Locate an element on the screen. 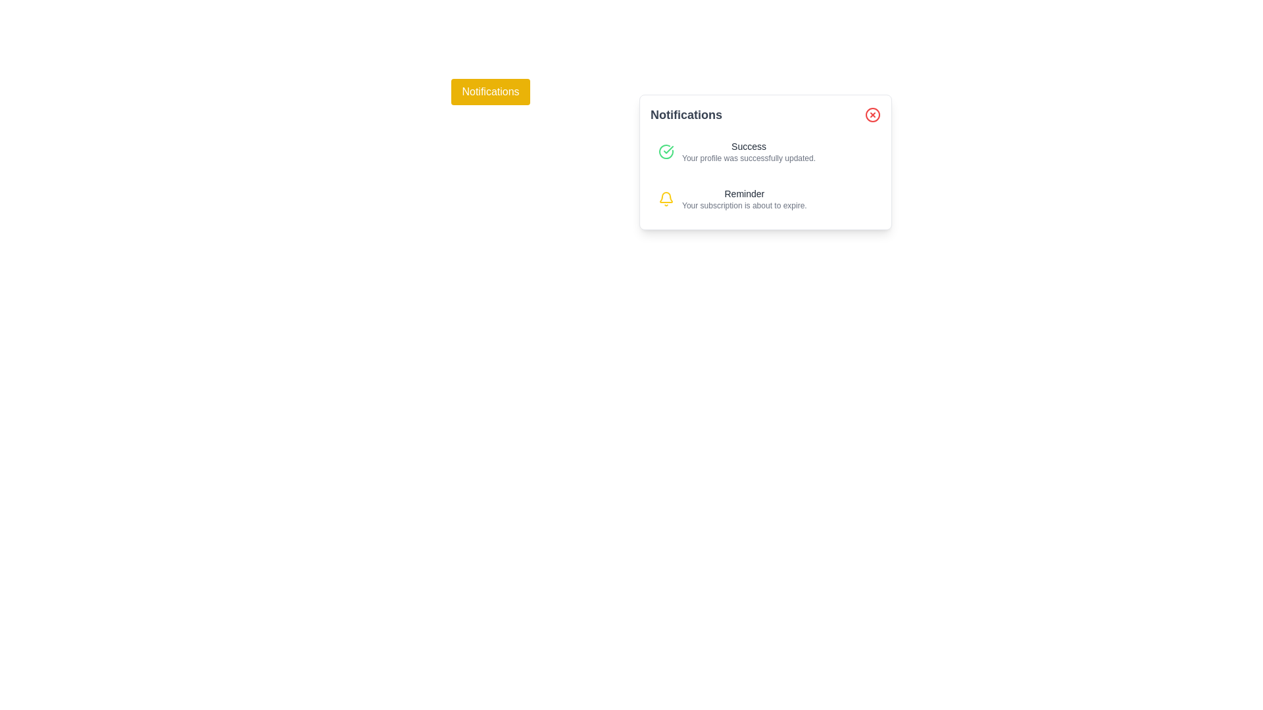  the yellow bell-shaped icon next to the 'Reminder' text within the notification card is located at coordinates (666, 199).